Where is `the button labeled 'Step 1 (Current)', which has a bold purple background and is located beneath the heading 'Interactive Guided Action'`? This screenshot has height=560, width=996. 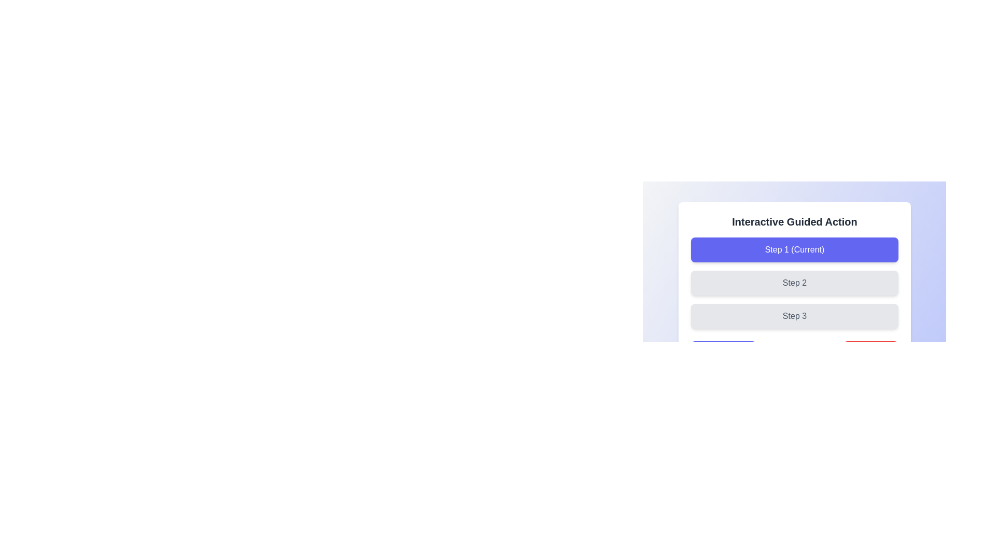 the button labeled 'Step 1 (Current)', which has a bold purple background and is located beneath the heading 'Interactive Guided Action' is located at coordinates (794, 256).